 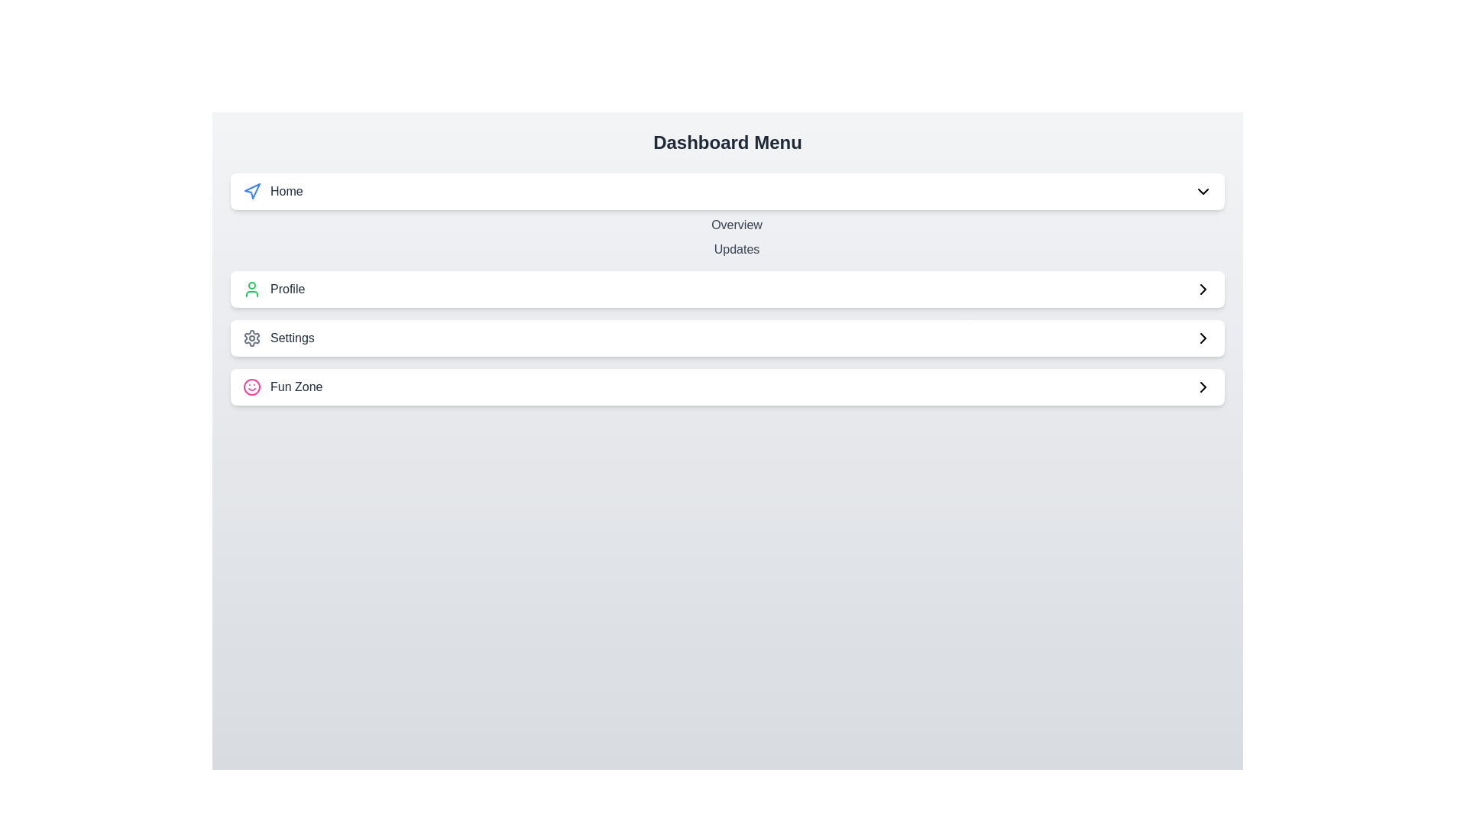 What do you see at coordinates (252, 289) in the screenshot?
I see `the green outline user icon located in the second row of the sidebar menu, which is positioned to the left of the text 'Profile'` at bounding box center [252, 289].